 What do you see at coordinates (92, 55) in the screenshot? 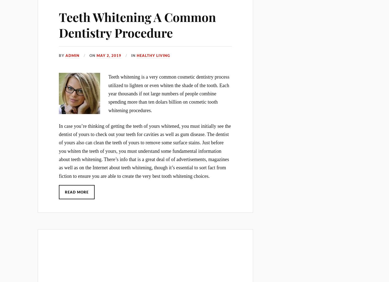
I see `'On'` at bounding box center [92, 55].